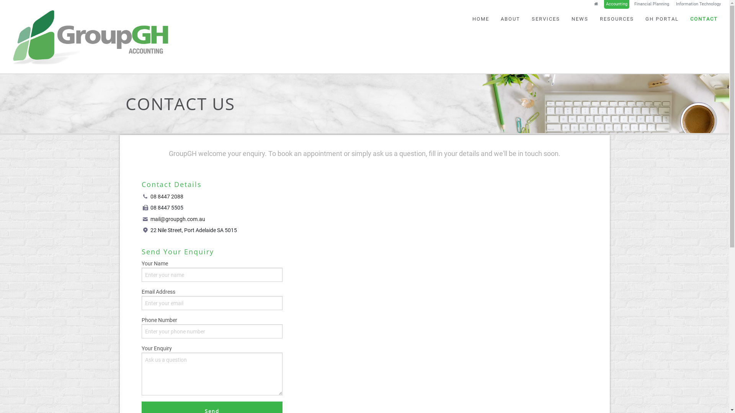 Image resolution: width=735 pixels, height=413 pixels. I want to click on 'CONTACT', so click(704, 18).